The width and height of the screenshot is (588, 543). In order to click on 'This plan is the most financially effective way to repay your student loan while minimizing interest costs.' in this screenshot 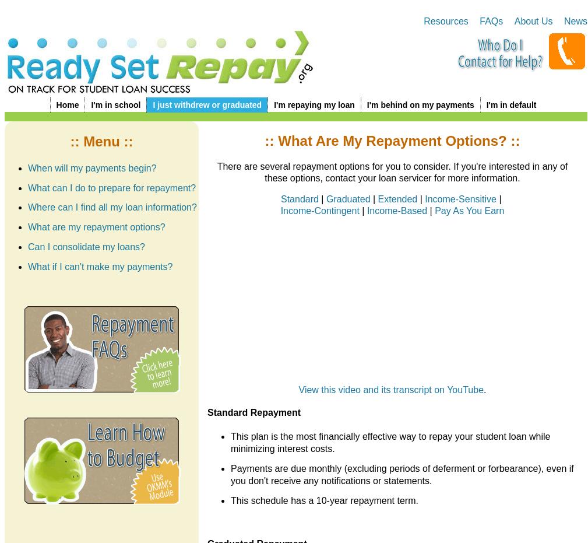, I will do `click(390, 443)`.